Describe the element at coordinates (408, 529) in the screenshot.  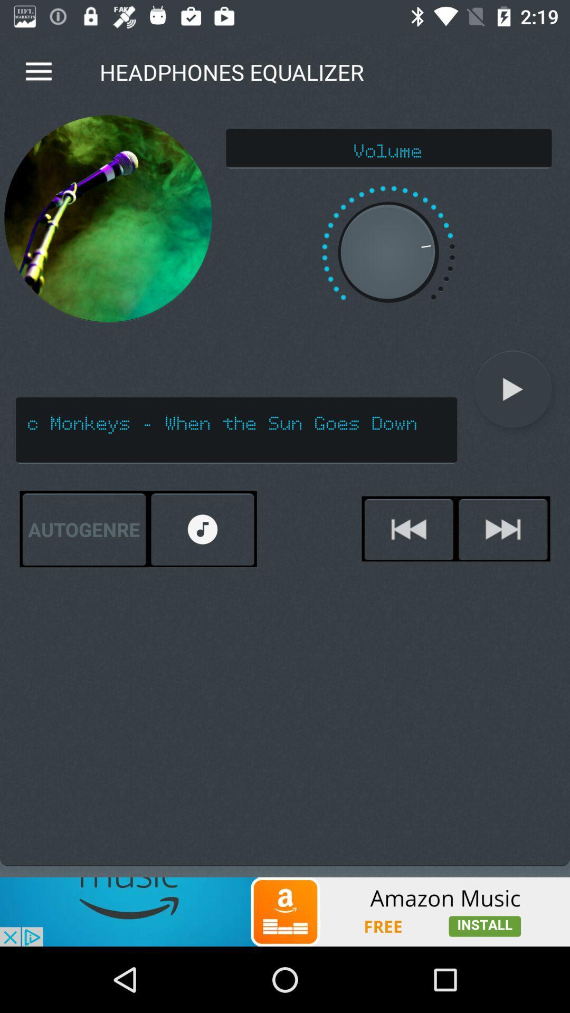
I see `icon below the arctic monkeys when item` at that location.